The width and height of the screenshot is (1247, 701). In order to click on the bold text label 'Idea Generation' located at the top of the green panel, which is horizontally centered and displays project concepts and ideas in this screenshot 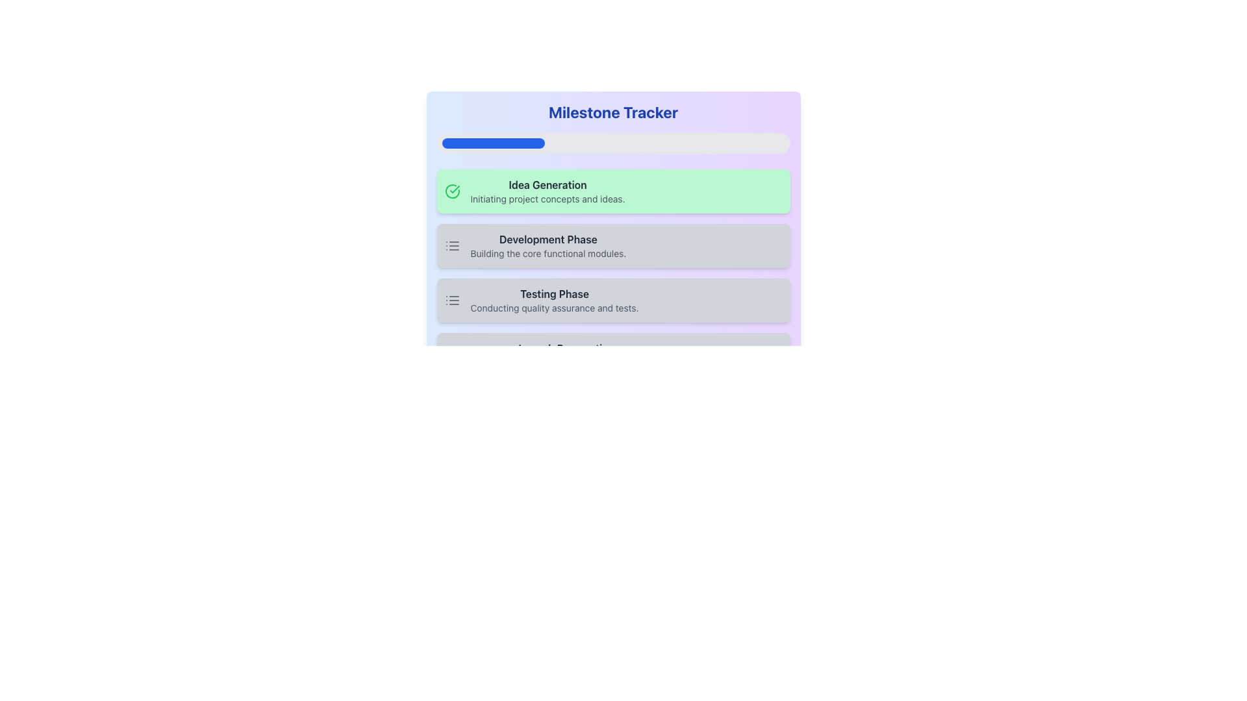, I will do `click(548, 185)`.